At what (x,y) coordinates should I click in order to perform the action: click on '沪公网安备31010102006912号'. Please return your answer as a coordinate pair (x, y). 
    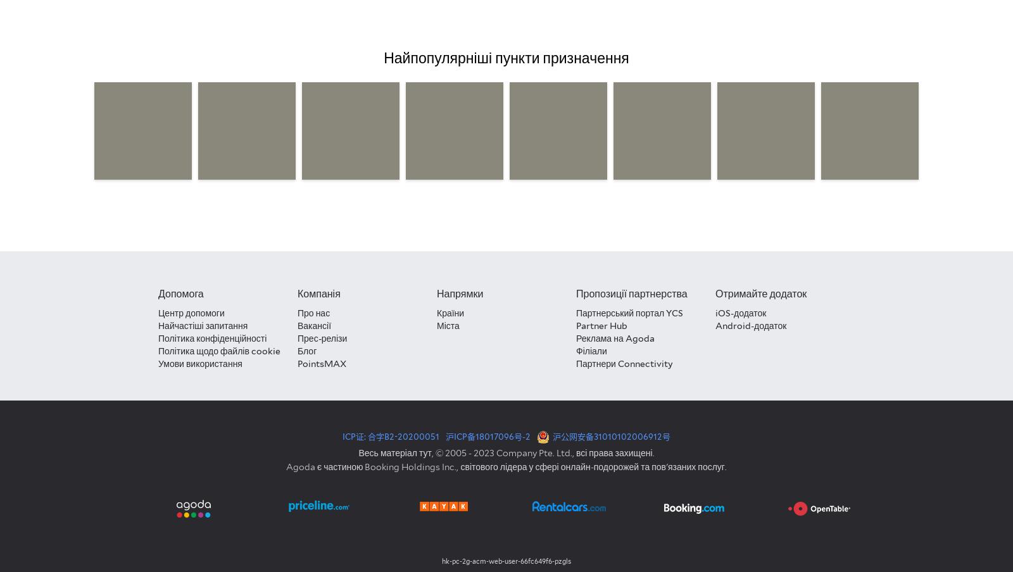
    Looking at the image, I should click on (551, 435).